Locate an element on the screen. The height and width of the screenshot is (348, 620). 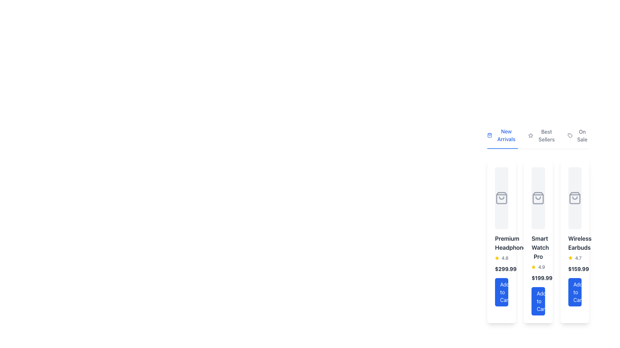
the Rating indicator for 'Smart Watch Pro' is located at coordinates (538, 267).